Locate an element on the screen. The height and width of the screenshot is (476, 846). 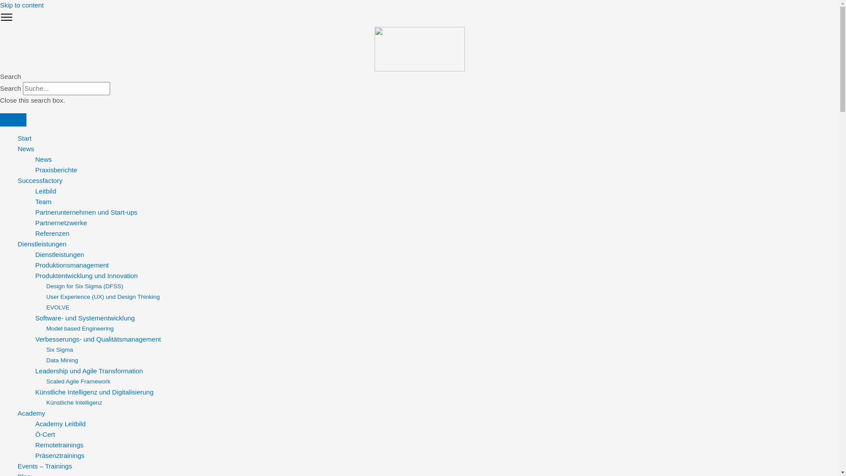
'Academy Leitbild' is located at coordinates (60, 423).